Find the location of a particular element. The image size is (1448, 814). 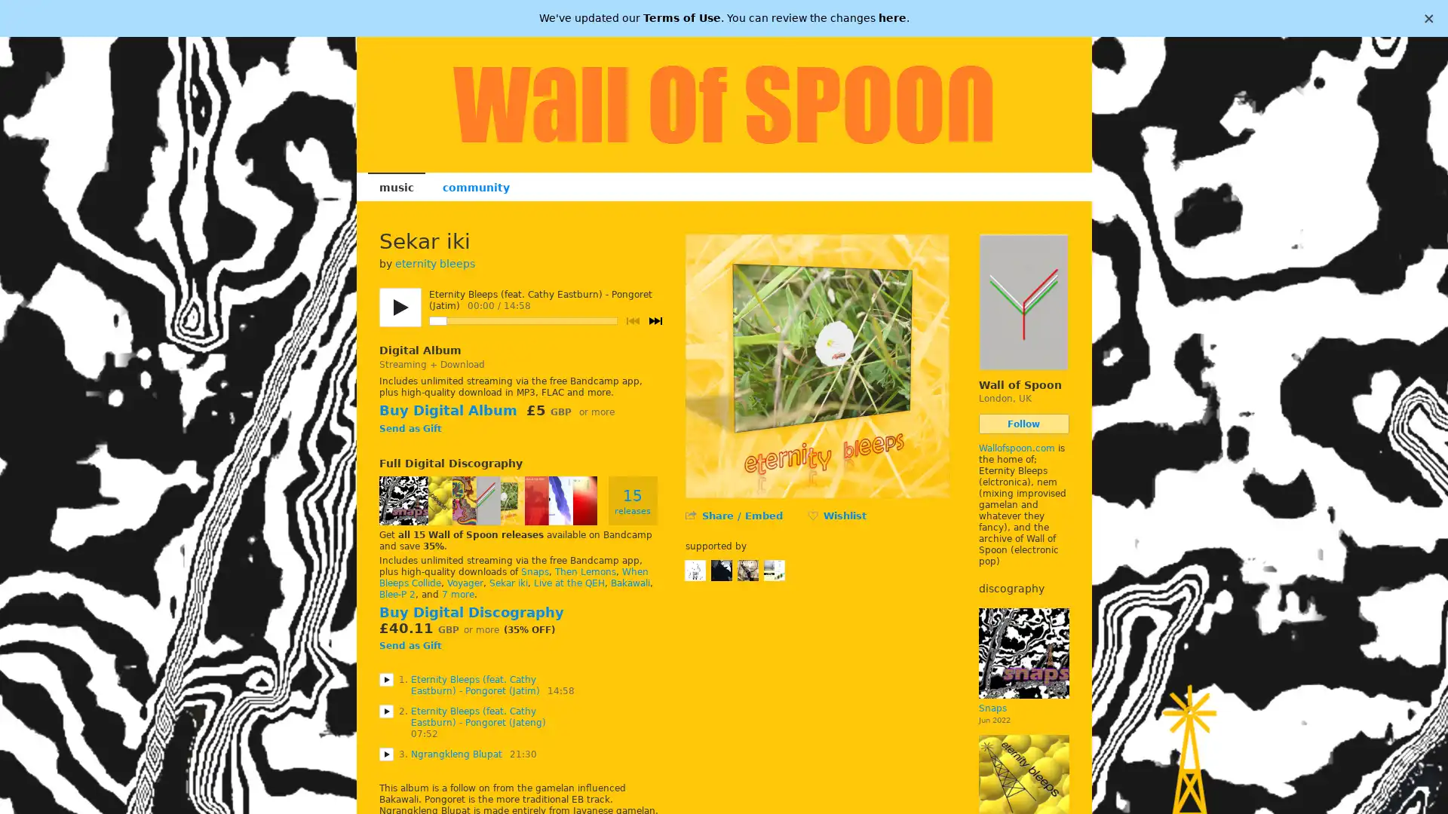

Next track is located at coordinates (655, 320).